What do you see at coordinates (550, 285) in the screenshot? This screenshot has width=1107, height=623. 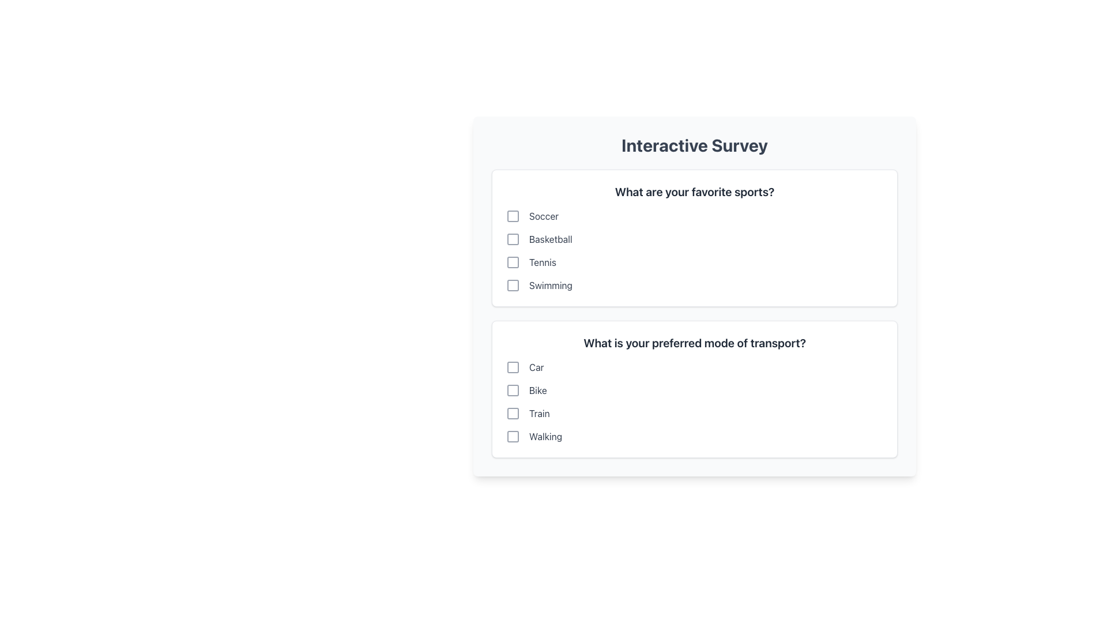 I see `the text label displaying 'Swimming' in gray color, which is the fourth item in the list under 'What are your favorite sports?'` at bounding box center [550, 285].